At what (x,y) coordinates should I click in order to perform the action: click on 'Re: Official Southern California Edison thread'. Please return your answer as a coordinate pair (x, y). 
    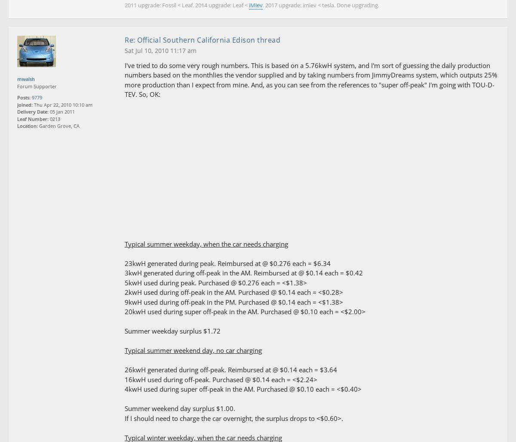
    Looking at the image, I should click on (202, 40).